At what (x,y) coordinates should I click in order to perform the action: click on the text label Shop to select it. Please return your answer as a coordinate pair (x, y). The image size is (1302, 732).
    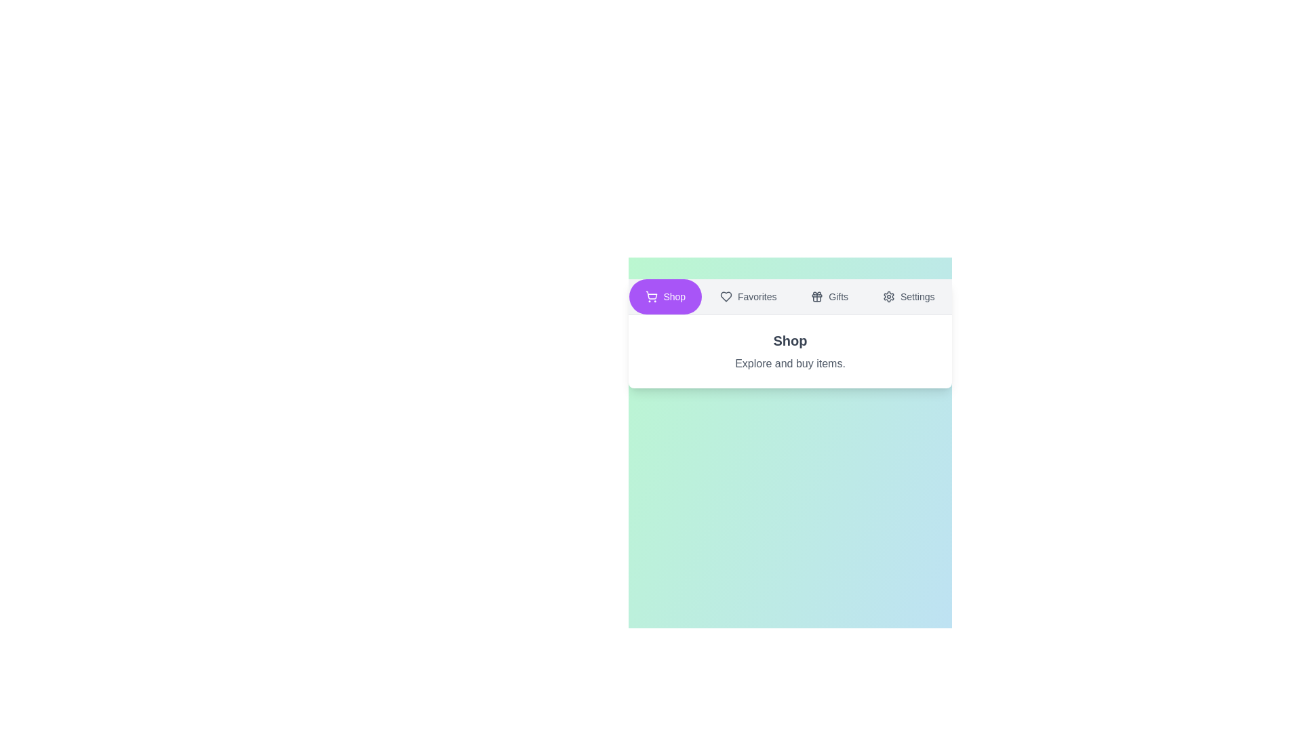
    Looking at the image, I should click on (665, 296).